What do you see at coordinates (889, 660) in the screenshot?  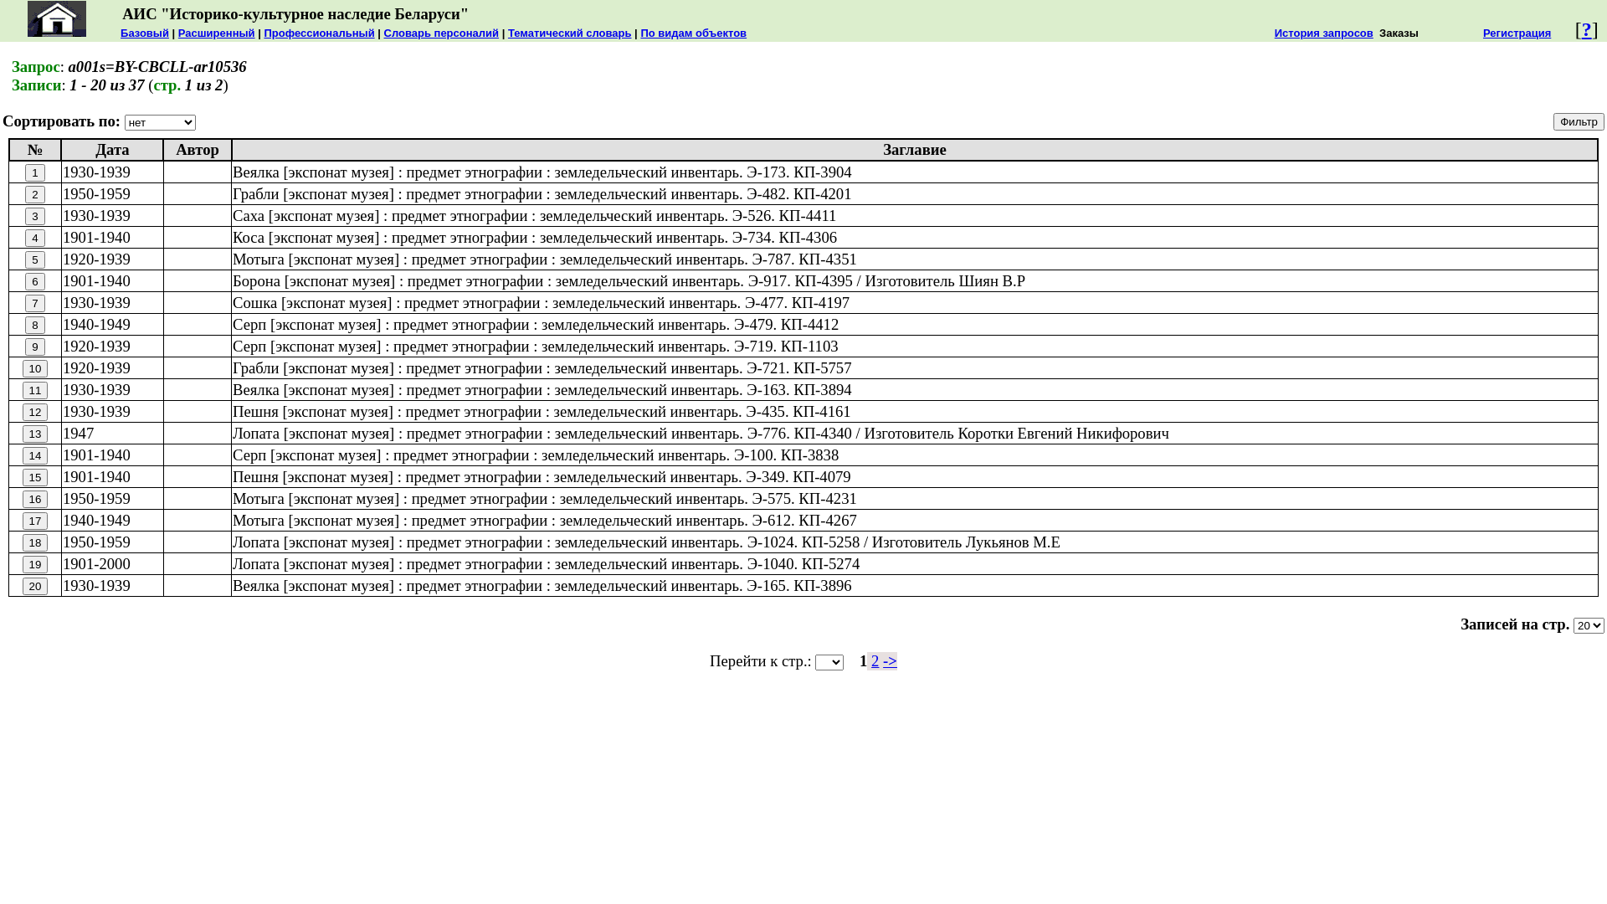 I see `'->'` at bounding box center [889, 660].